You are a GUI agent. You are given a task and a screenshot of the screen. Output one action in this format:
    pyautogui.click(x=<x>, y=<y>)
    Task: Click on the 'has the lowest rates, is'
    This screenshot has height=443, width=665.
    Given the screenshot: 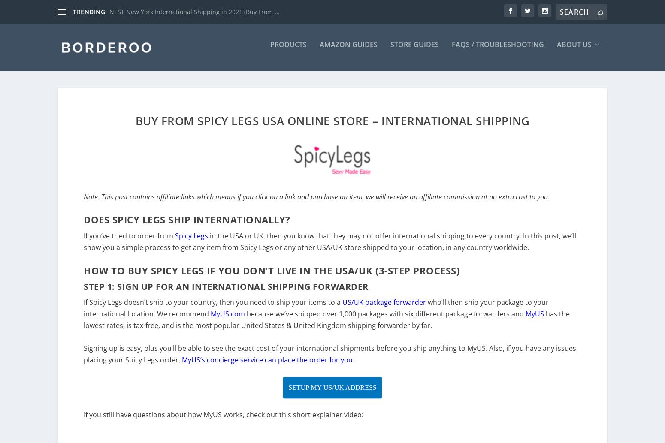 What is the action you would take?
    pyautogui.click(x=326, y=325)
    